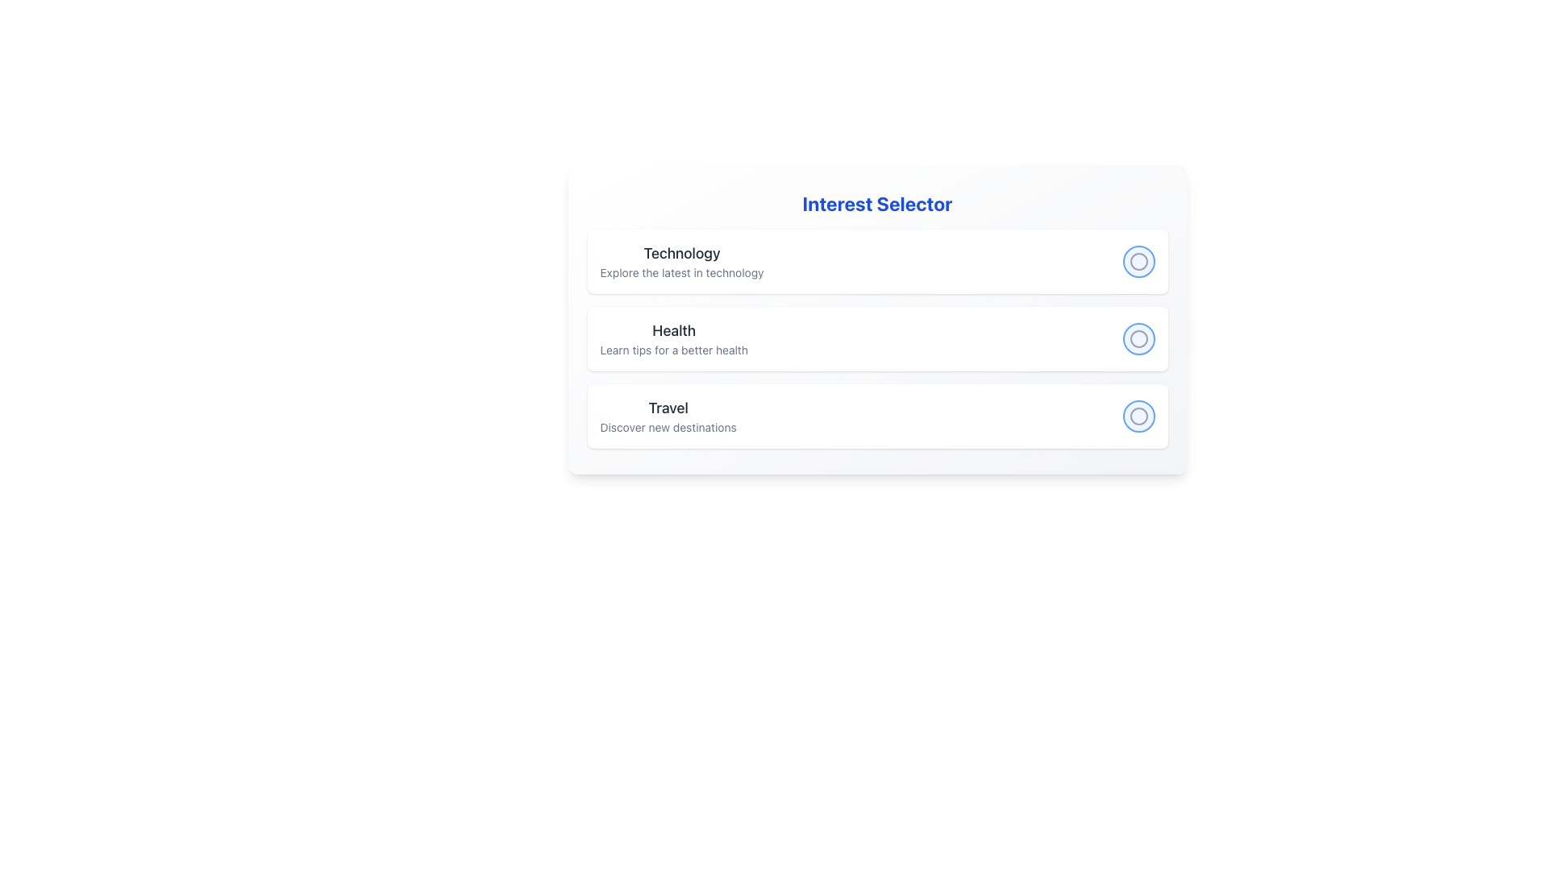 The width and height of the screenshot is (1548, 870). I want to click on the 'Health' text block within the information card, which is the second entry in the 'Interest Selector' list, positioned between 'Technology' and 'Travel', so click(674, 338).